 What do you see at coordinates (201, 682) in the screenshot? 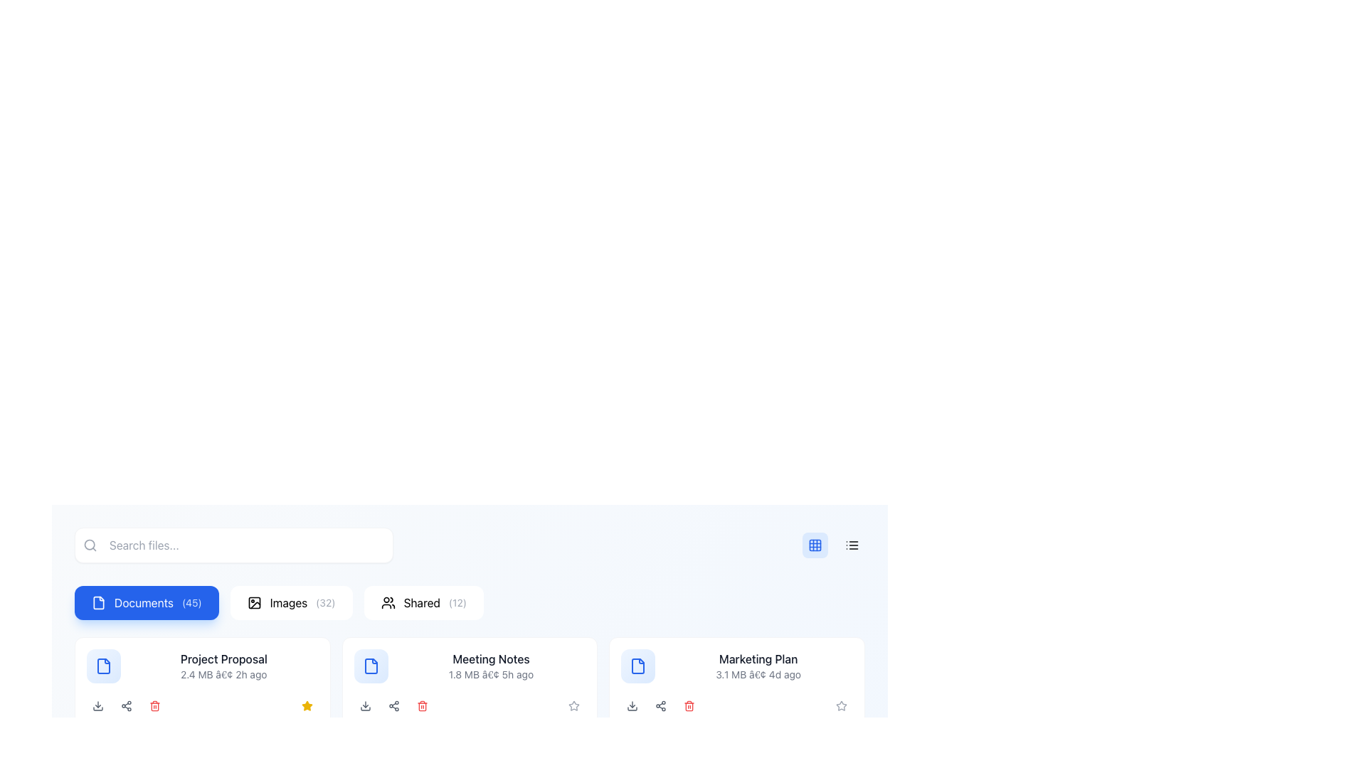
I see `the download icon on the selectable file card located in the first column of the grid layout, positioned below the navigation menu` at bounding box center [201, 682].